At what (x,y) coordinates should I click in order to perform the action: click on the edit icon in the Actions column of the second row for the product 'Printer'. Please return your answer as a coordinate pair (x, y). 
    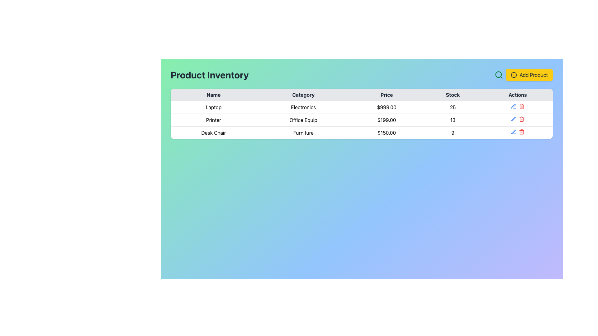
    Looking at the image, I should click on (514, 119).